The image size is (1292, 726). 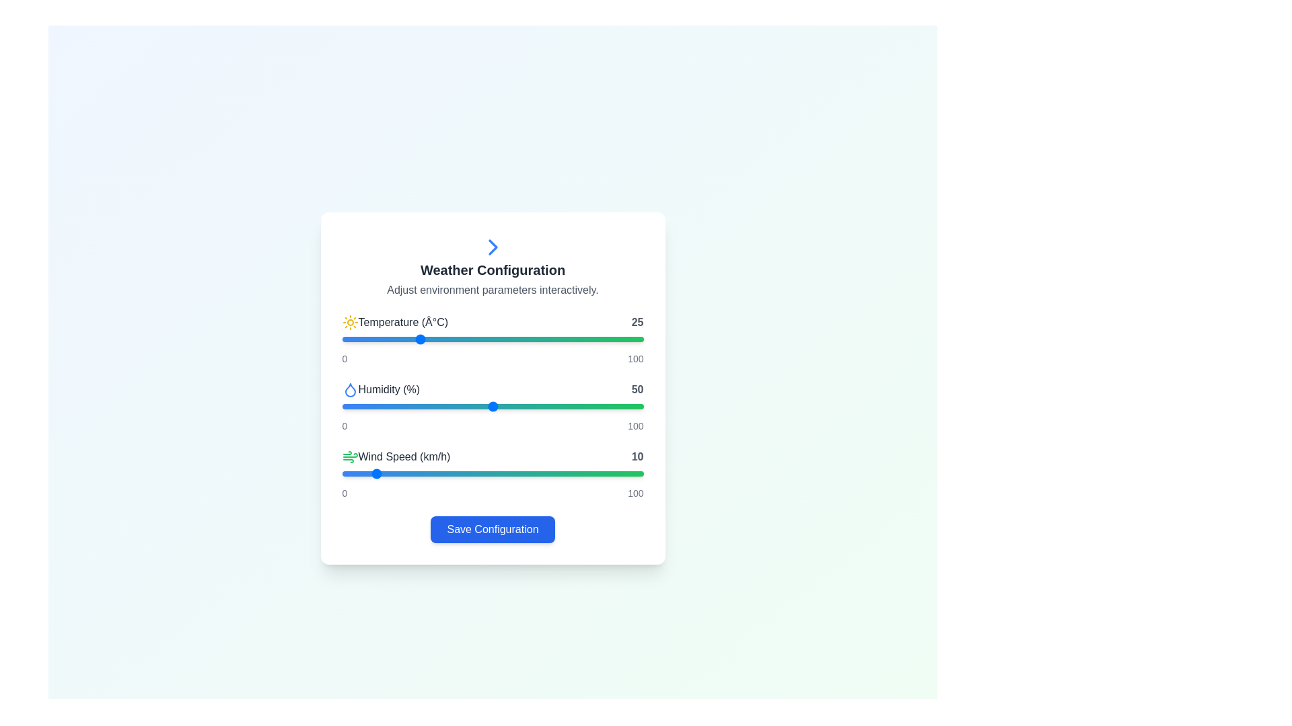 I want to click on the humidity level, so click(x=417, y=406).